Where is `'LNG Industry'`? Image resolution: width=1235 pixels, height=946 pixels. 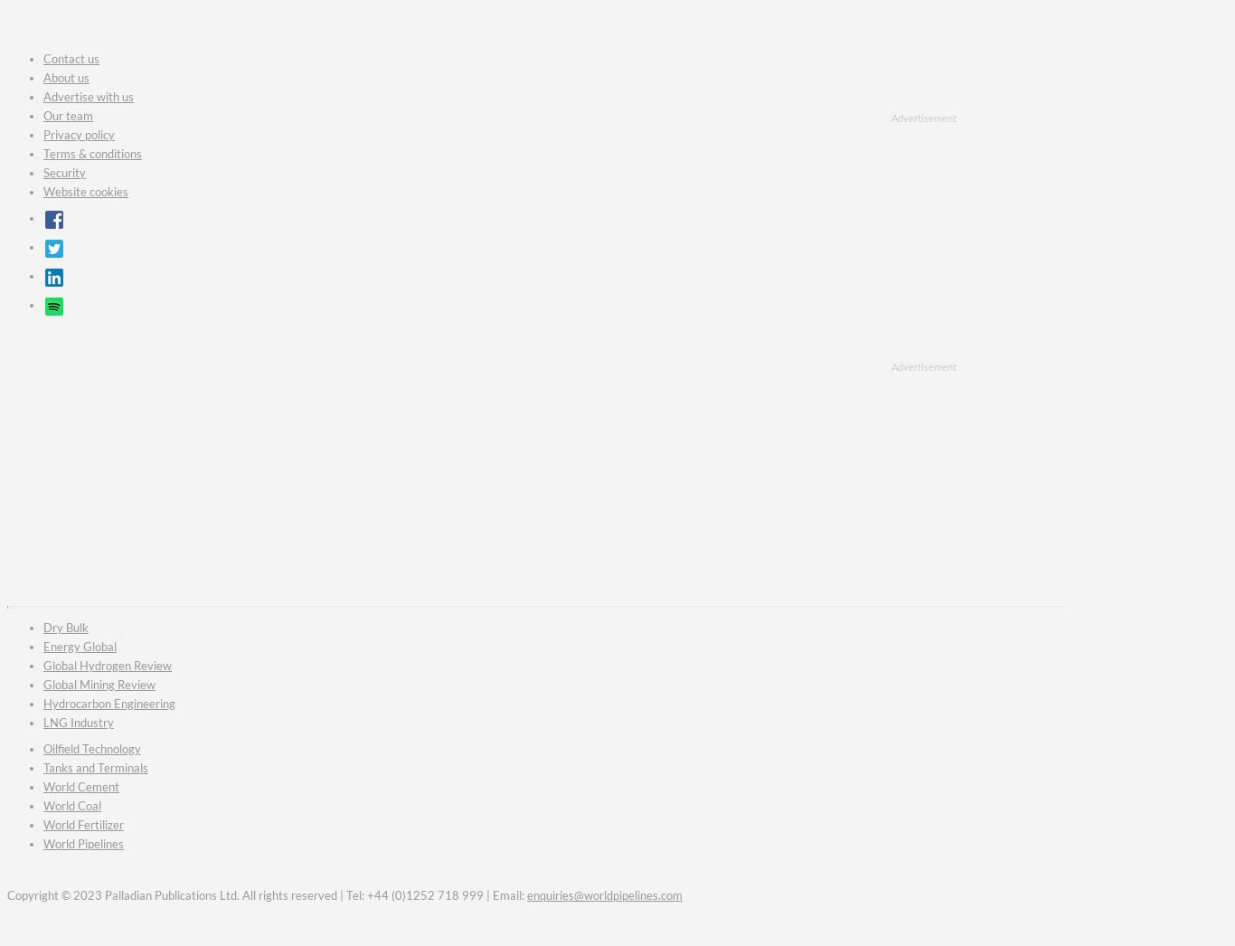
'LNG Industry' is located at coordinates (42, 723).